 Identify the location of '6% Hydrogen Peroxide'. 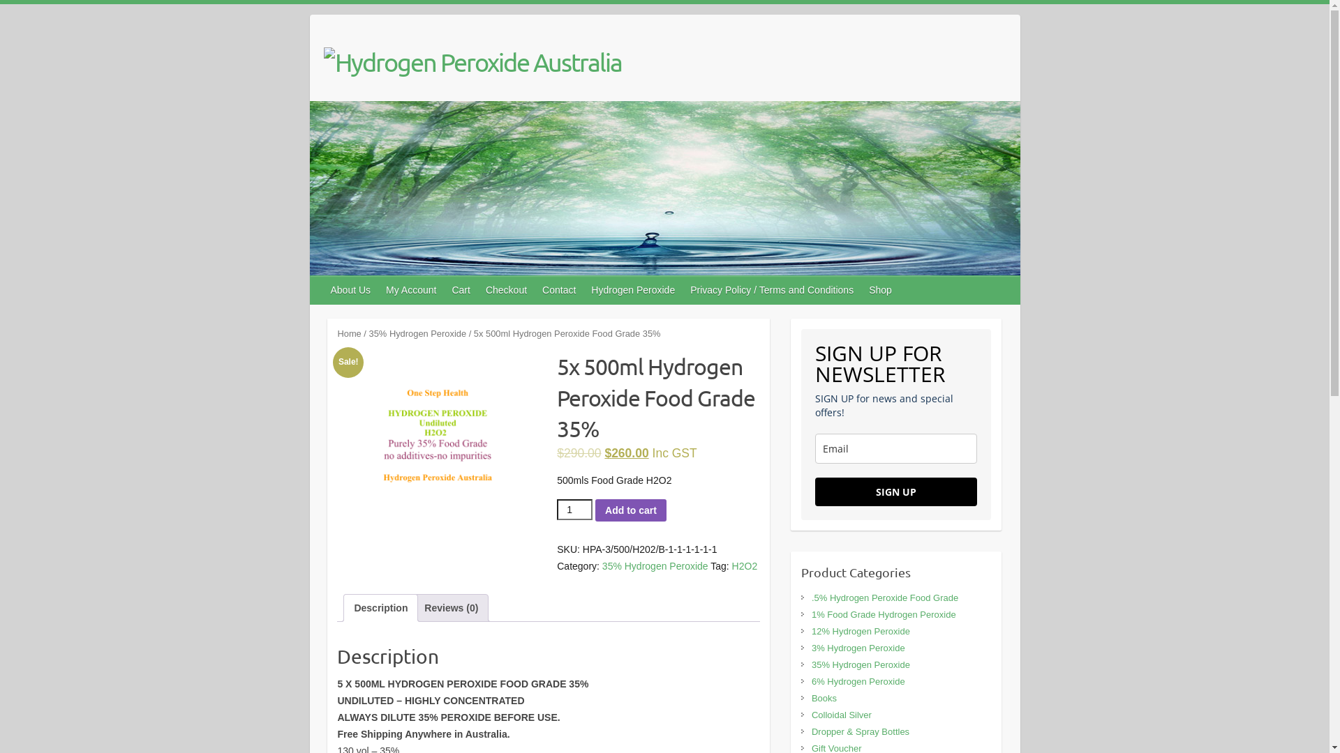
(857, 680).